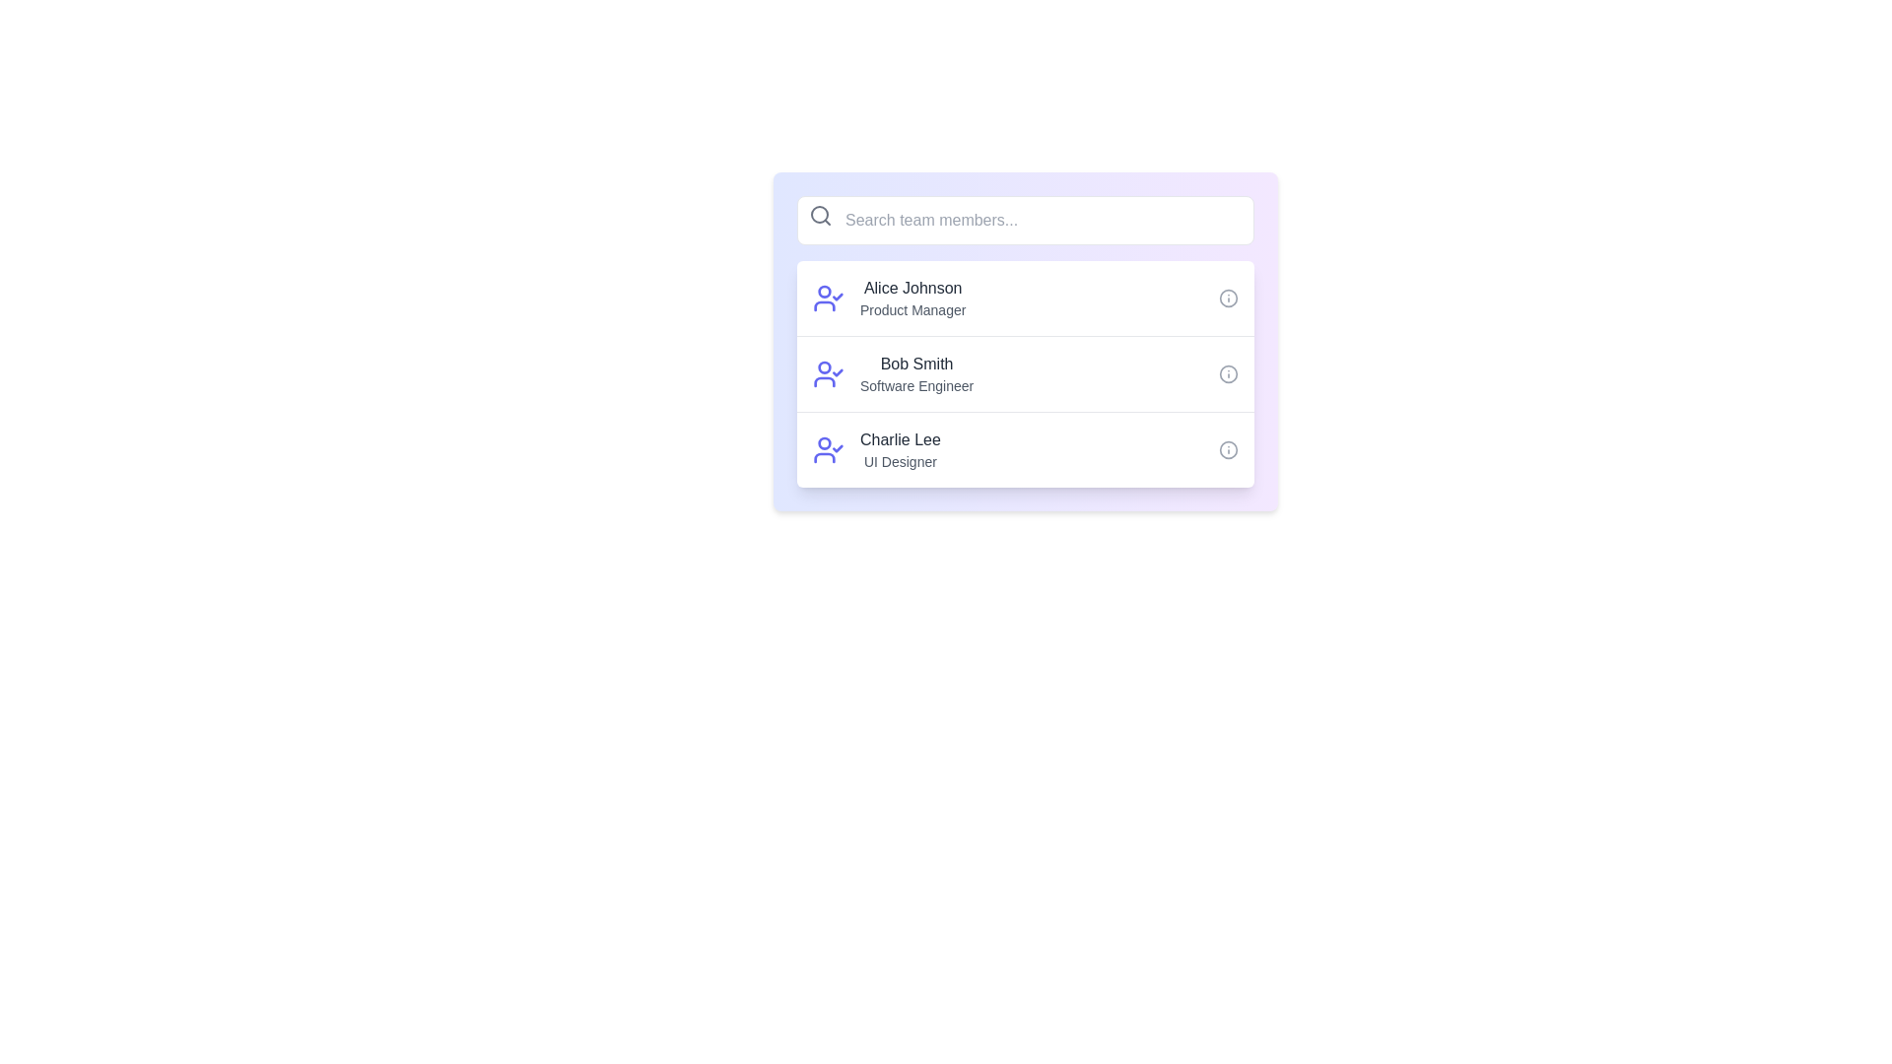  What do you see at coordinates (828, 374) in the screenshot?
I see `the SVG icon representing a user with a checkmark, styled with a purple outline, which is located to the left of the text 'Bob Smith'` at bounding box center [828, 374].